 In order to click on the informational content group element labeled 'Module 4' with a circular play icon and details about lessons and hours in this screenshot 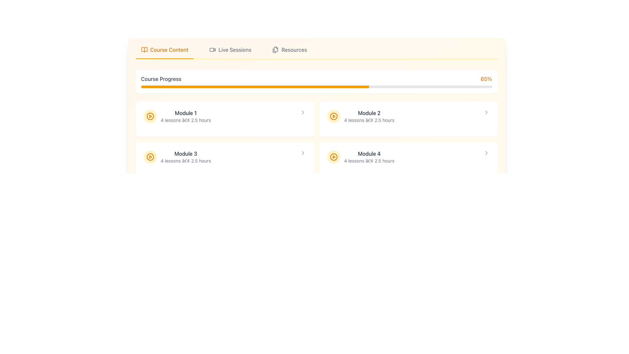, I will do `click(360, 157)`.